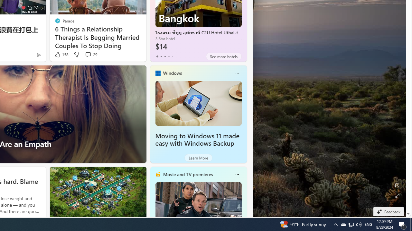 Image resolution: width=412 pixels, height=231 pixels. What do you see at coordinates (61, 54) in the screenshot?
I see `'158 Like'` at bounding box center [61, 54].